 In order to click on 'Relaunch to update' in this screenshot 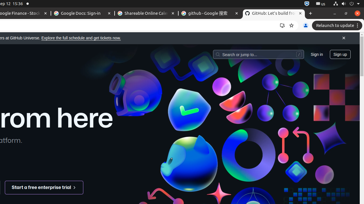, I will do `click(338, 25)`.